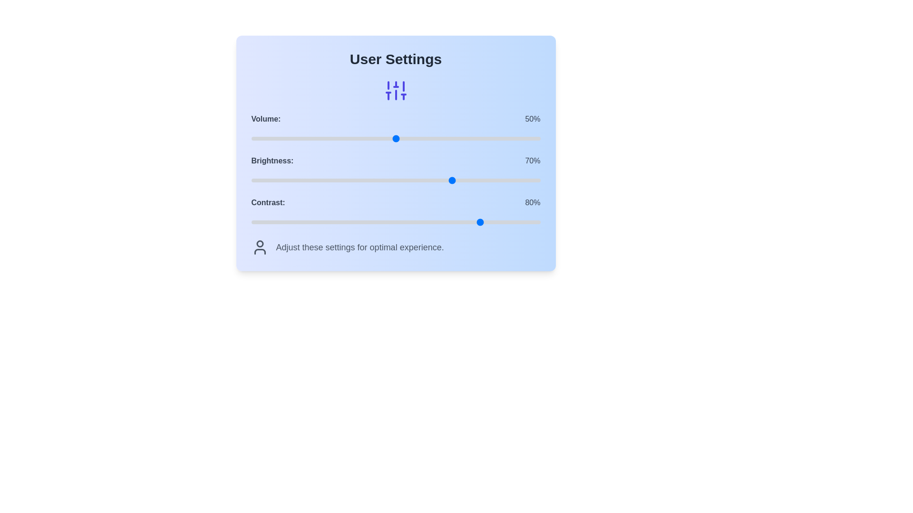 Image resolution: width=913 pixels, height=513 pixels. I want to click on the contrast, so click(459, 222).